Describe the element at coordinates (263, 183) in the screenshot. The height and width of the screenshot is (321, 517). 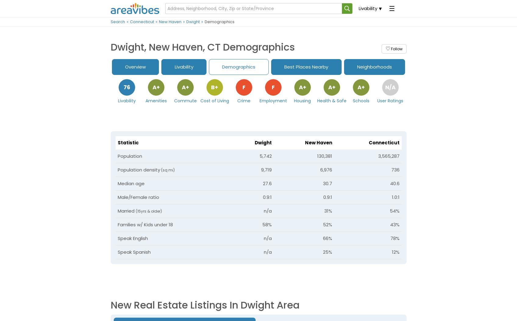
I see `'27.6'` at that location.